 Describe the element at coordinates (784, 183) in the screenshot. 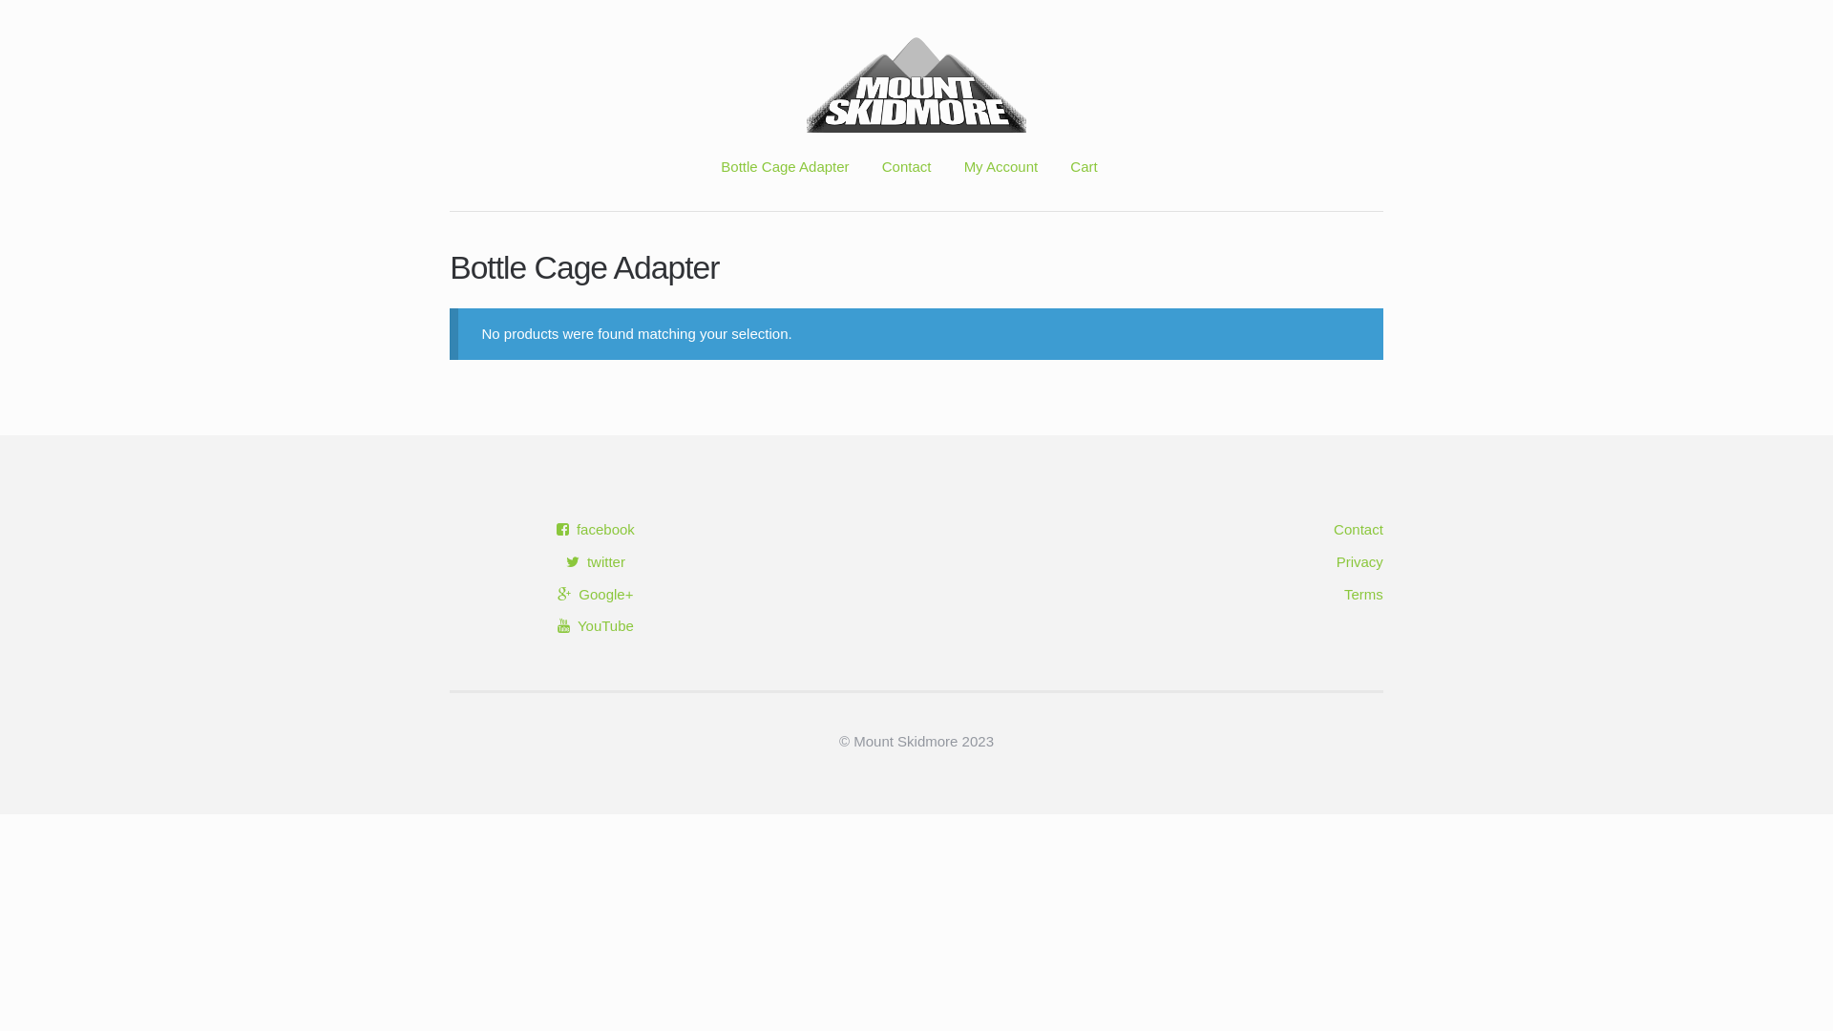

I see `'Bottle Cage Adapter'` at that location.